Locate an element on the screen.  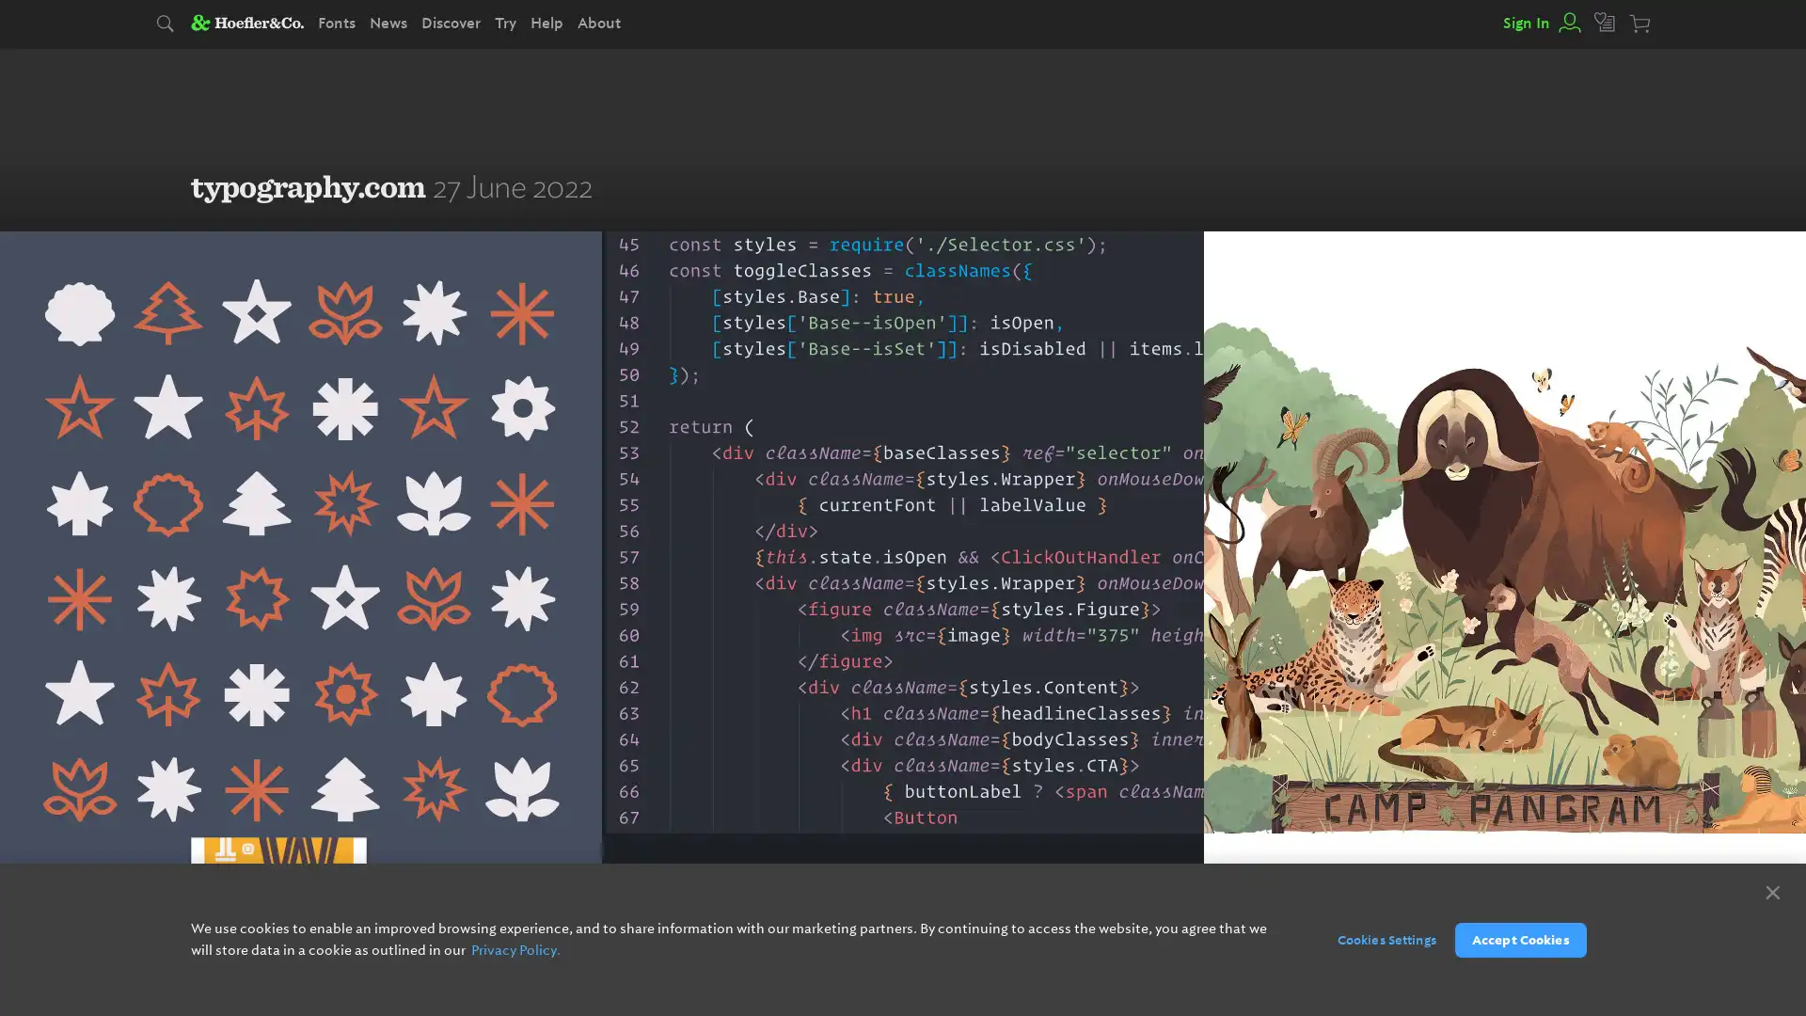
Your cart is located at coordinates (1640, 24).